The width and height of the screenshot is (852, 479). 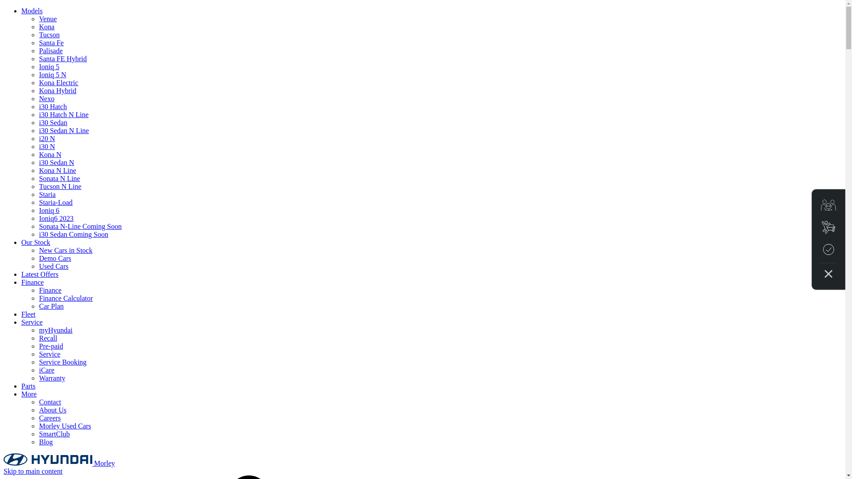 I want to click on 'i30 Sedan N Line', so click(x=63, y=130).